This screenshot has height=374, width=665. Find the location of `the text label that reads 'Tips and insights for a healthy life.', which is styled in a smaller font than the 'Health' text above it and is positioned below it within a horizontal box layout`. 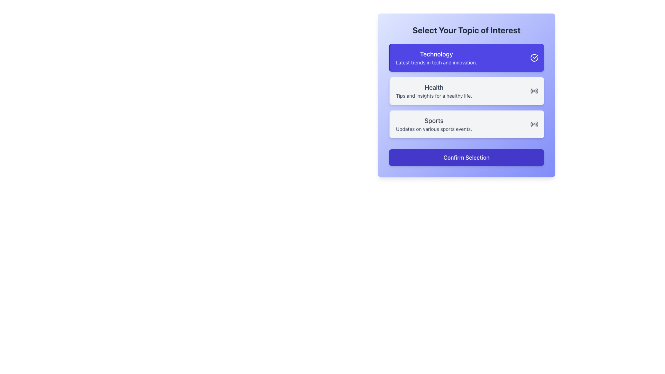

the text label that reads 'Tips and insights for a healthy life.', which is styled in a smaller font than the 'Health' text above it and is positioned below it within a horizontal box layout is located at coordinates (434, 96).